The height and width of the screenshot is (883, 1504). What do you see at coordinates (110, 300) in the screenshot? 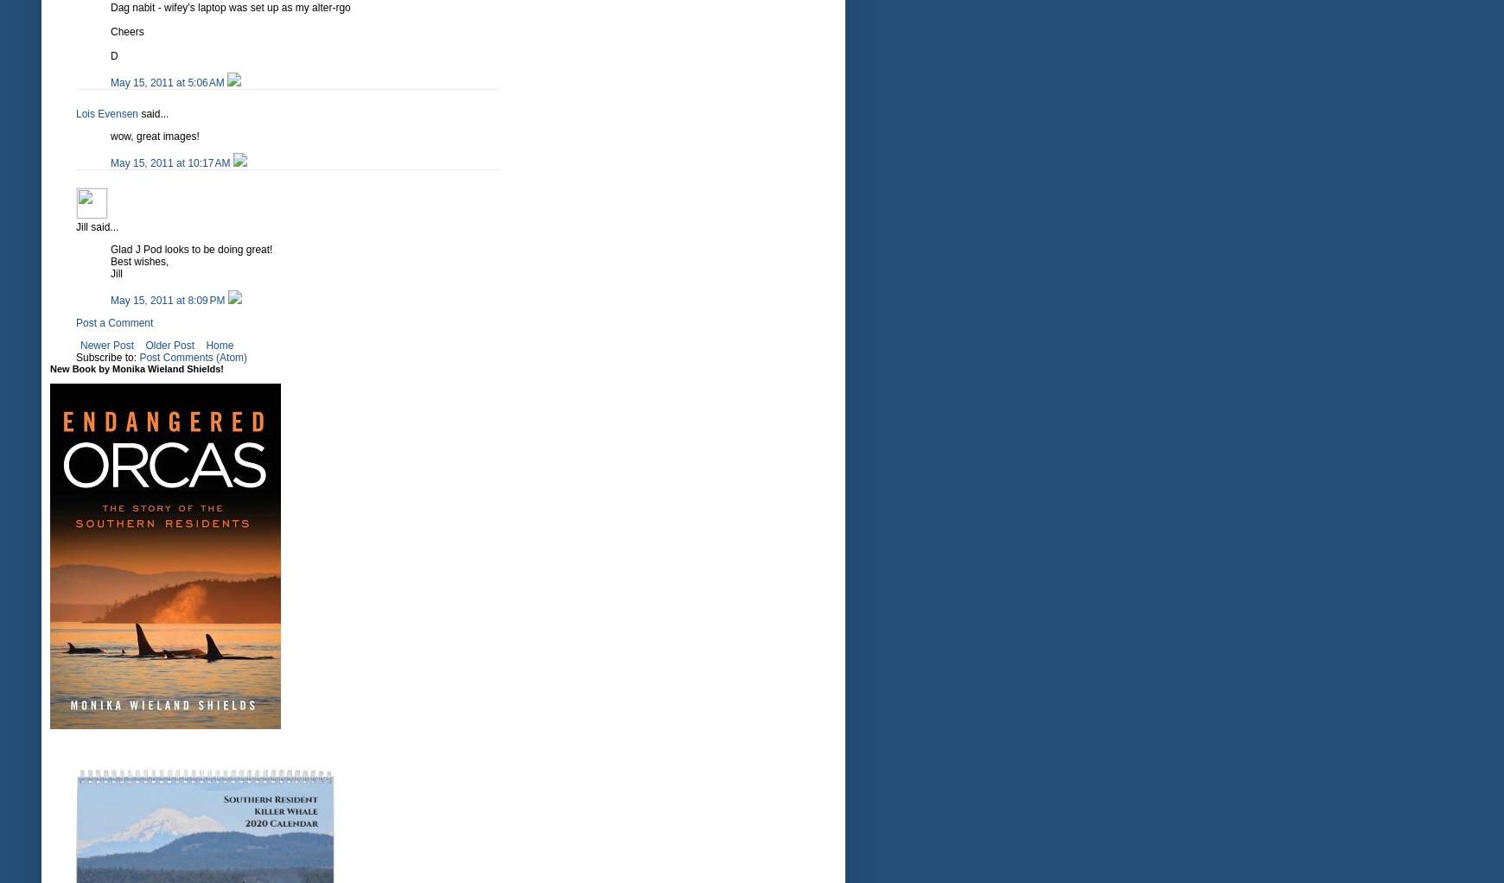
I see `'May 15, 2011 at 8:09 PM'` at bounding box center [110, 300].